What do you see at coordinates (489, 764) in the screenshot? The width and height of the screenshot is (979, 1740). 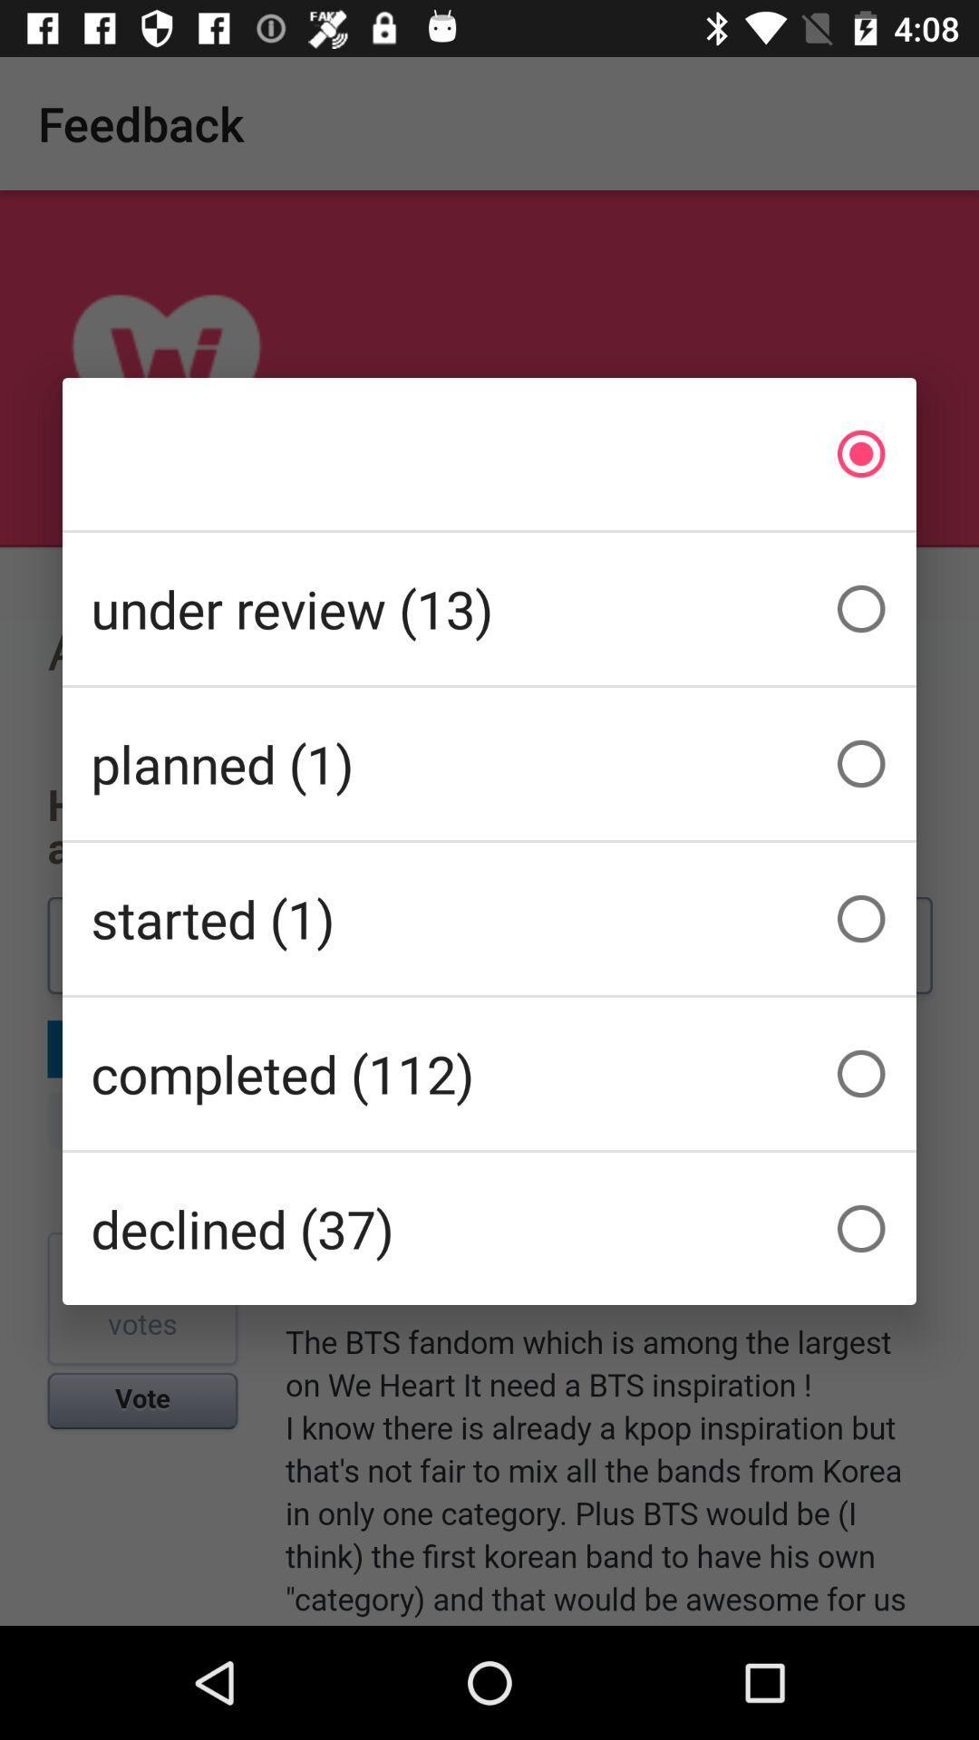 I see `the item above started (1) item` at bounding box center [489, 764].